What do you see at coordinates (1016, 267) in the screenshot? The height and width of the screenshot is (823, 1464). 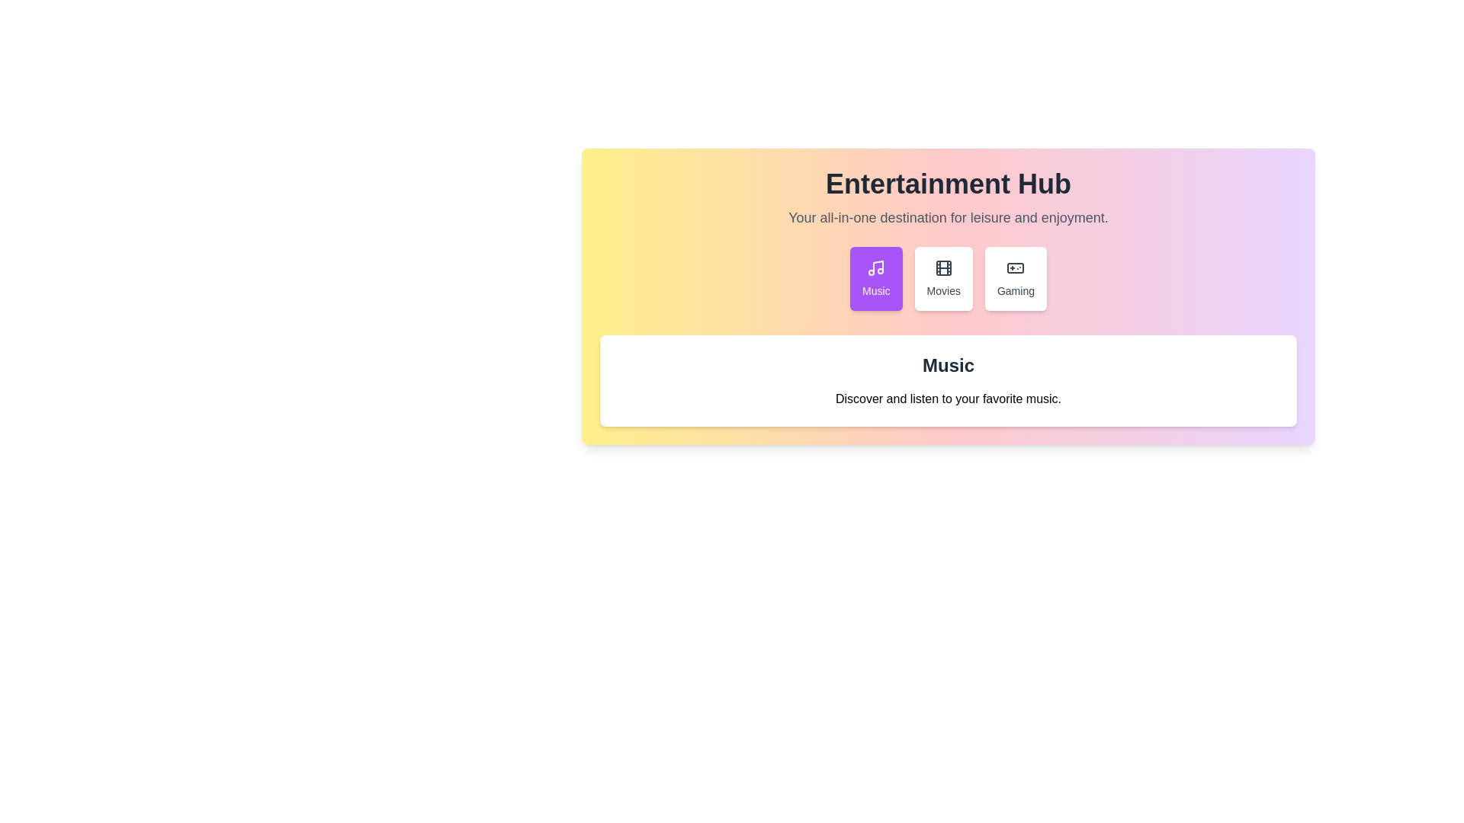 I see `the Gaming category icon located within the Gaming card, positioned centrally above the text label` at bounding box center [1016, 267].